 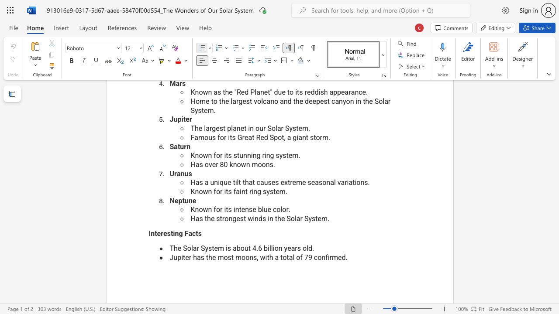 What do you see at coordinates (283, 257) in the screenshot?
I see `the space between the continuous character "t" and "o" in the text` at bounding box center [283, 257].